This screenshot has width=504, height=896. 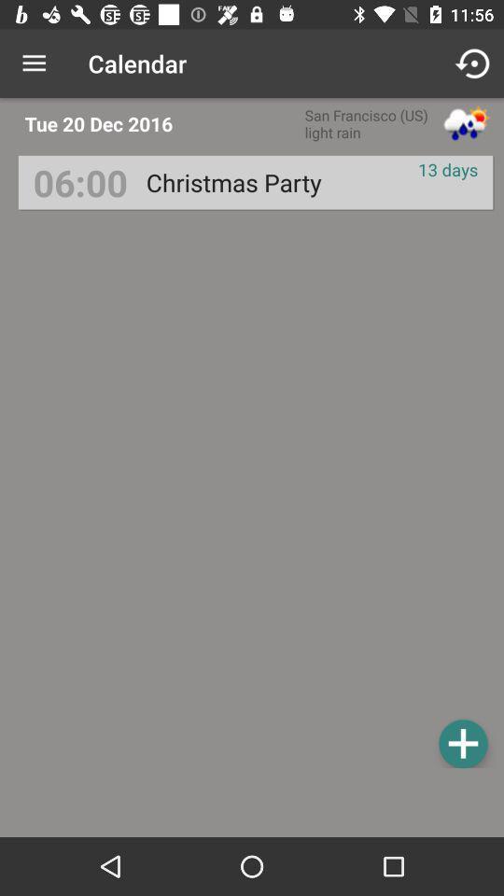 I want to click on 13 days, so click(x=447, y=169).